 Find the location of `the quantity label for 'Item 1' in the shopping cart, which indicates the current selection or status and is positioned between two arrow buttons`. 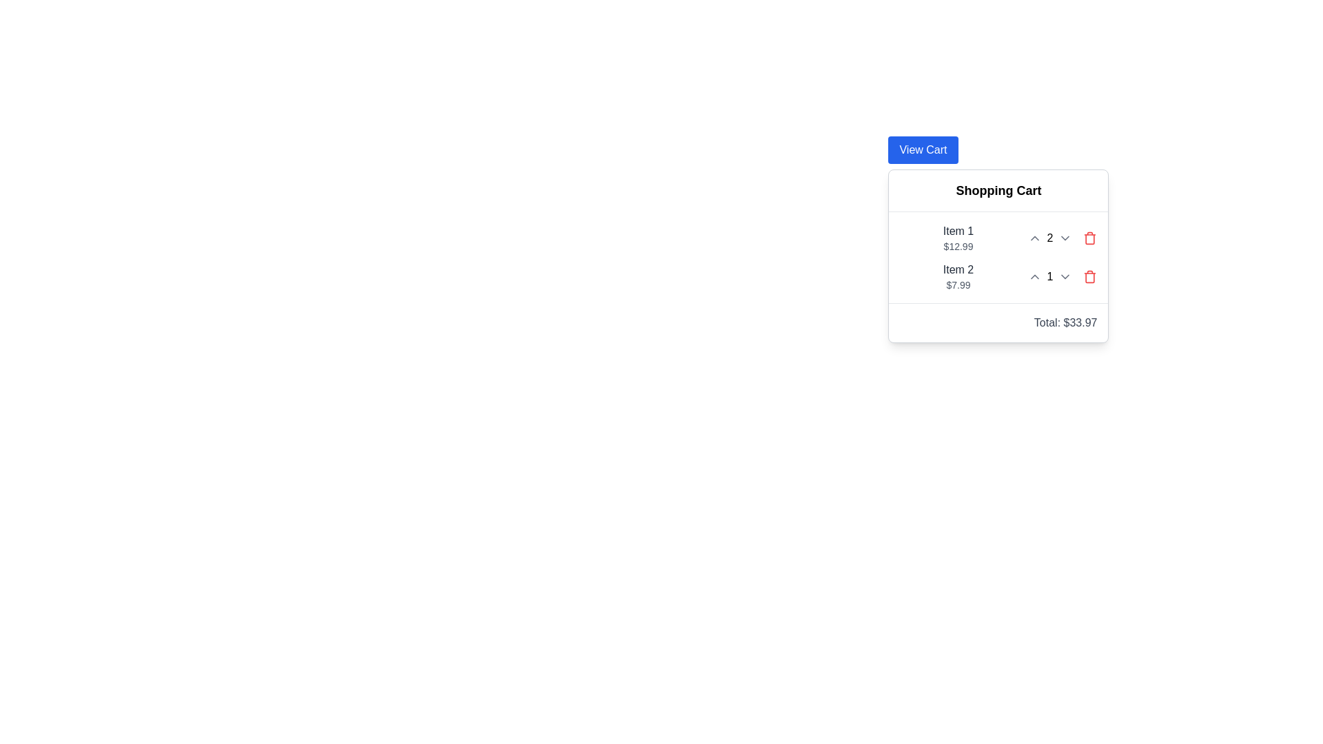

the quantity label for 'Item 1' in the shopping cart, which indicates the current selection or status and is positioned between two arrow buttons is located at coordinates (1049, 238).